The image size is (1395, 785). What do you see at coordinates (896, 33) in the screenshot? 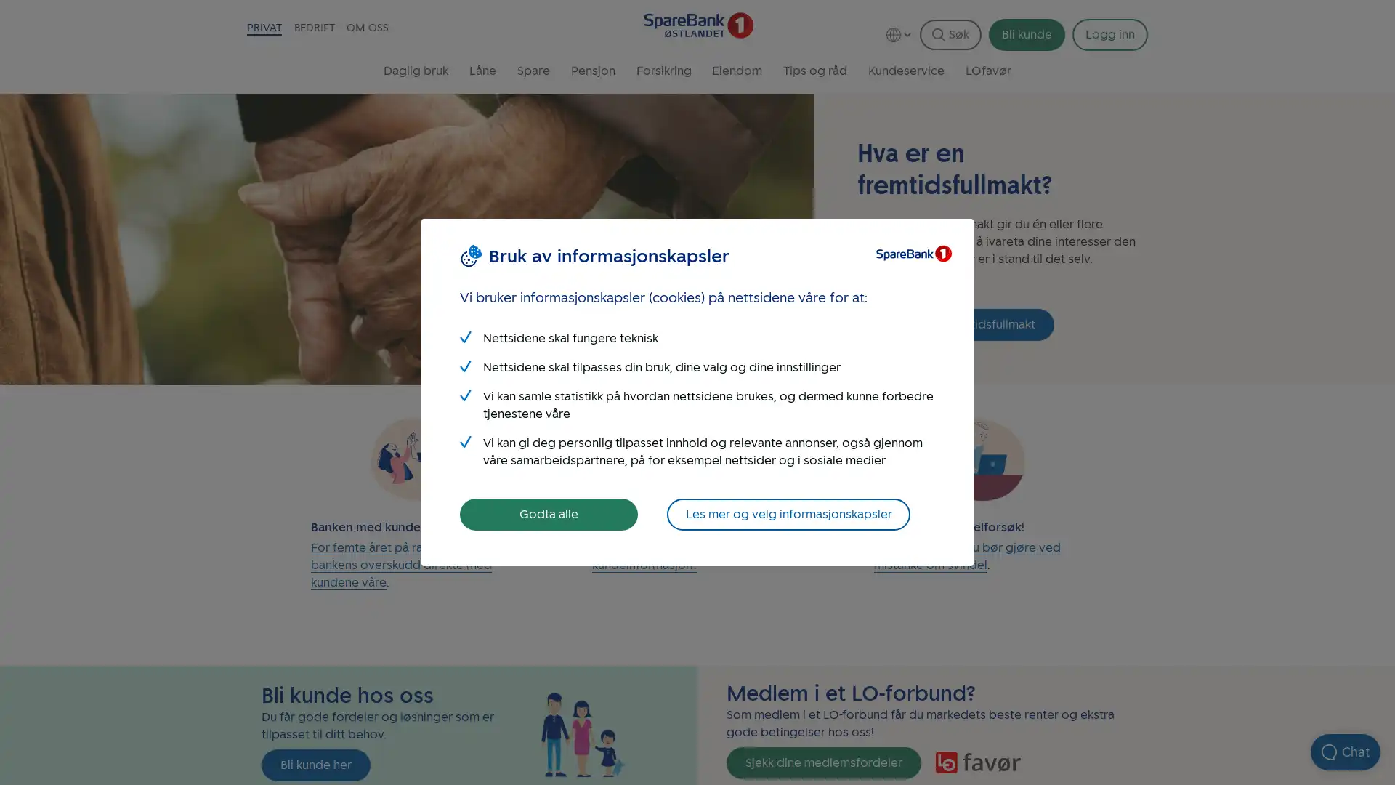
I see `Language` at bounding box center [896, 33].